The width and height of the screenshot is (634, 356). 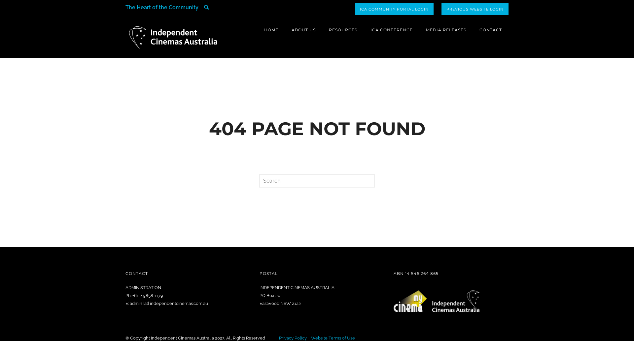 What do you see at coordinates (491, 30) in the screenshot?
I see `'CONTACT'` at bounding box center [491, 30].